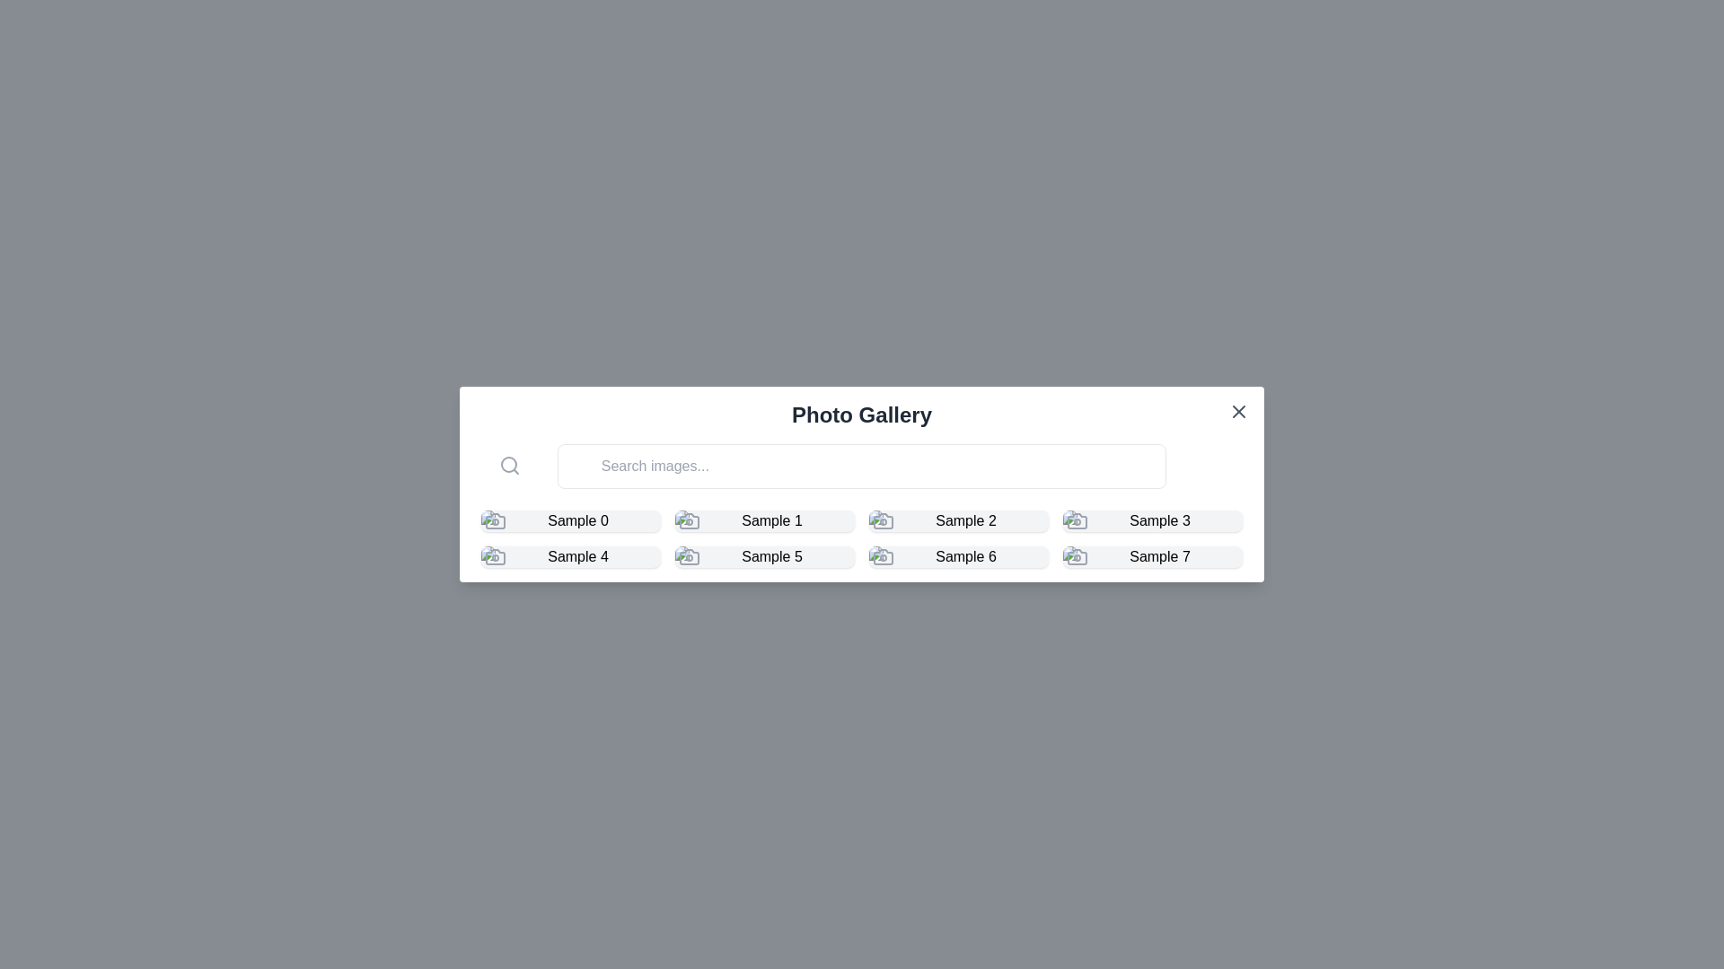 This screenshot has height=969, width=1724. Describe the element at coordinates (689, 521) in the screenshot. I see `the camera icon located within the 'Sample 1' button in the photo gallery interface` at that location.